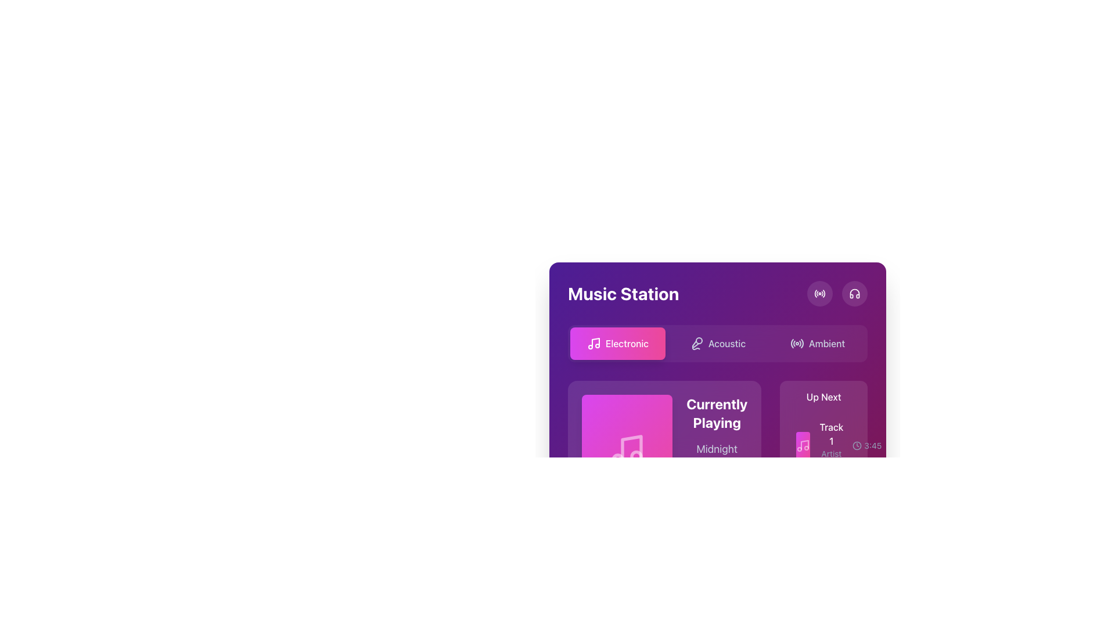 This screenshot has width=1115, height=627. I want to click on the text label displaying the title of the currently playing music track, which is positioned below the 'Currently Playing' label and above the 'Electronic Fusion' text label, so click(716, 456).